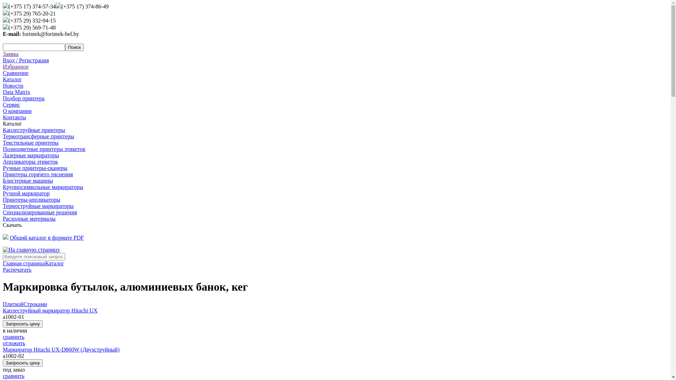  Describe the element at coordinates (17, 91) in the screenshot. I see `'Data Matrix'` at that location.